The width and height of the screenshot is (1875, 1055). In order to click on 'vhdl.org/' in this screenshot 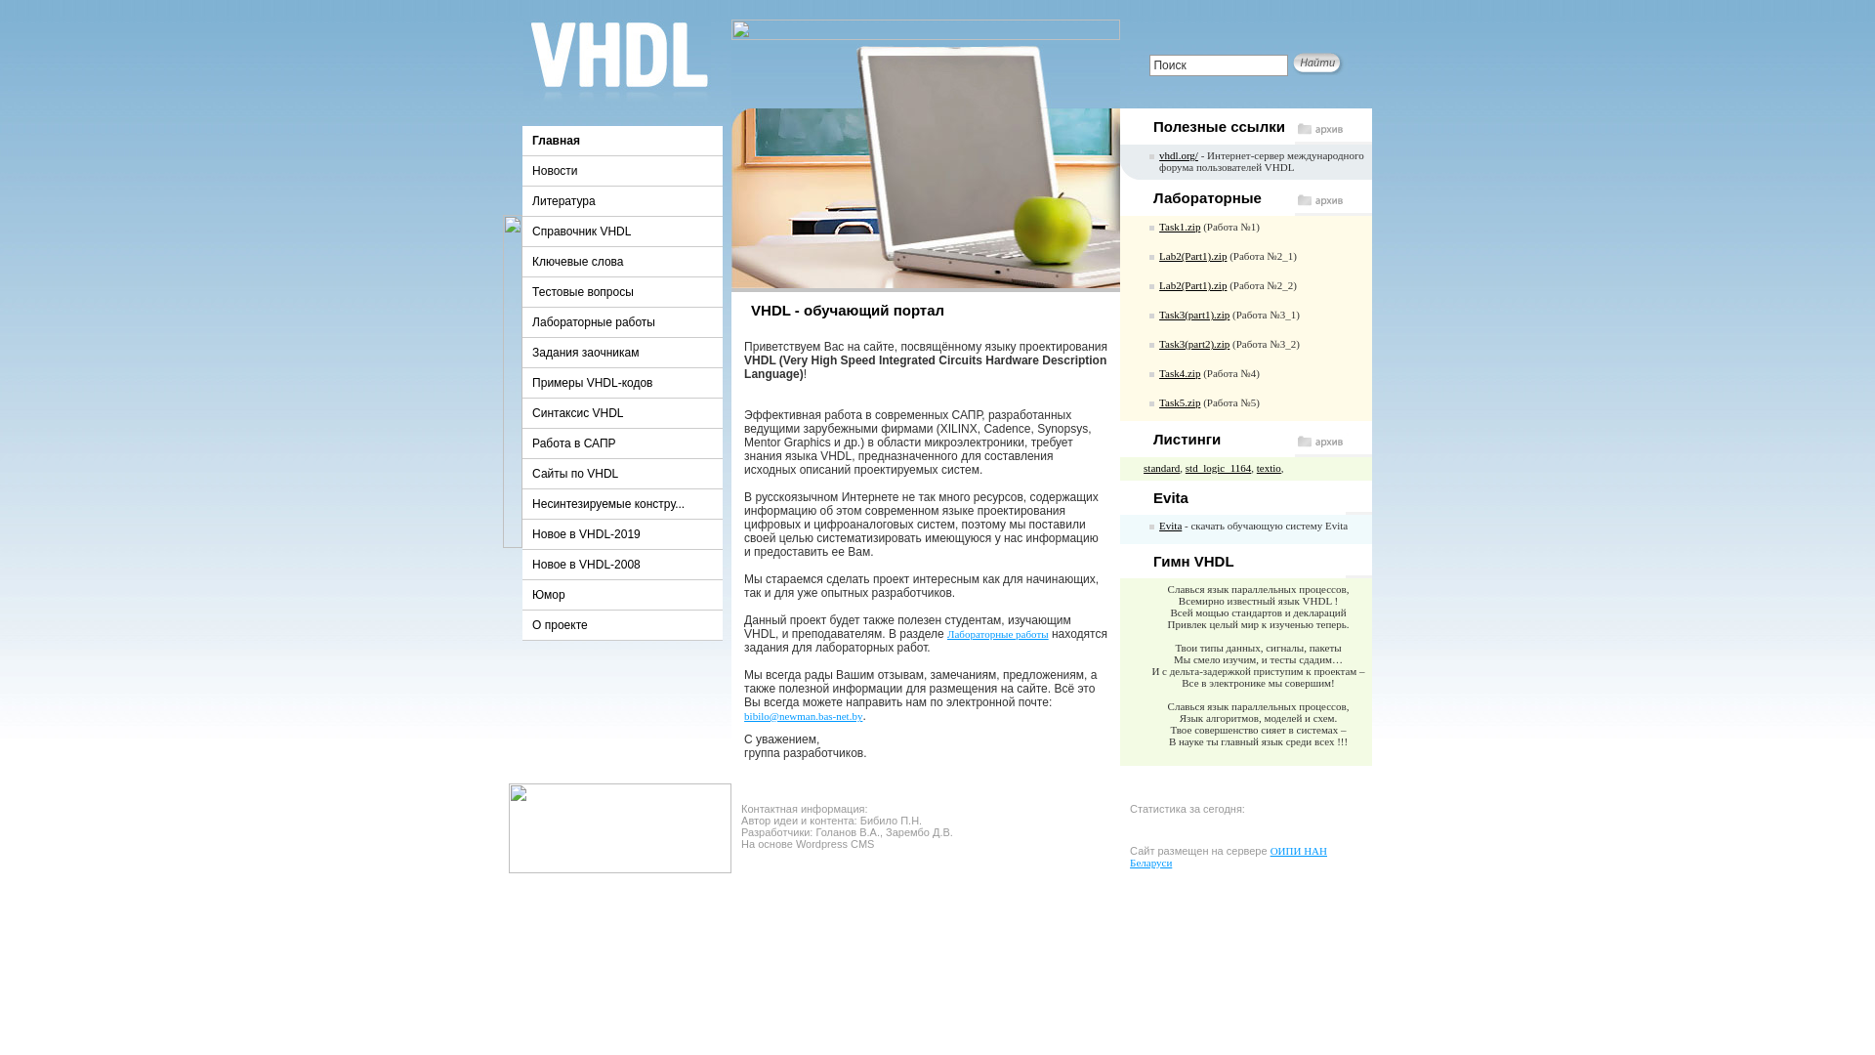, I will do `click(1177, 153)`.